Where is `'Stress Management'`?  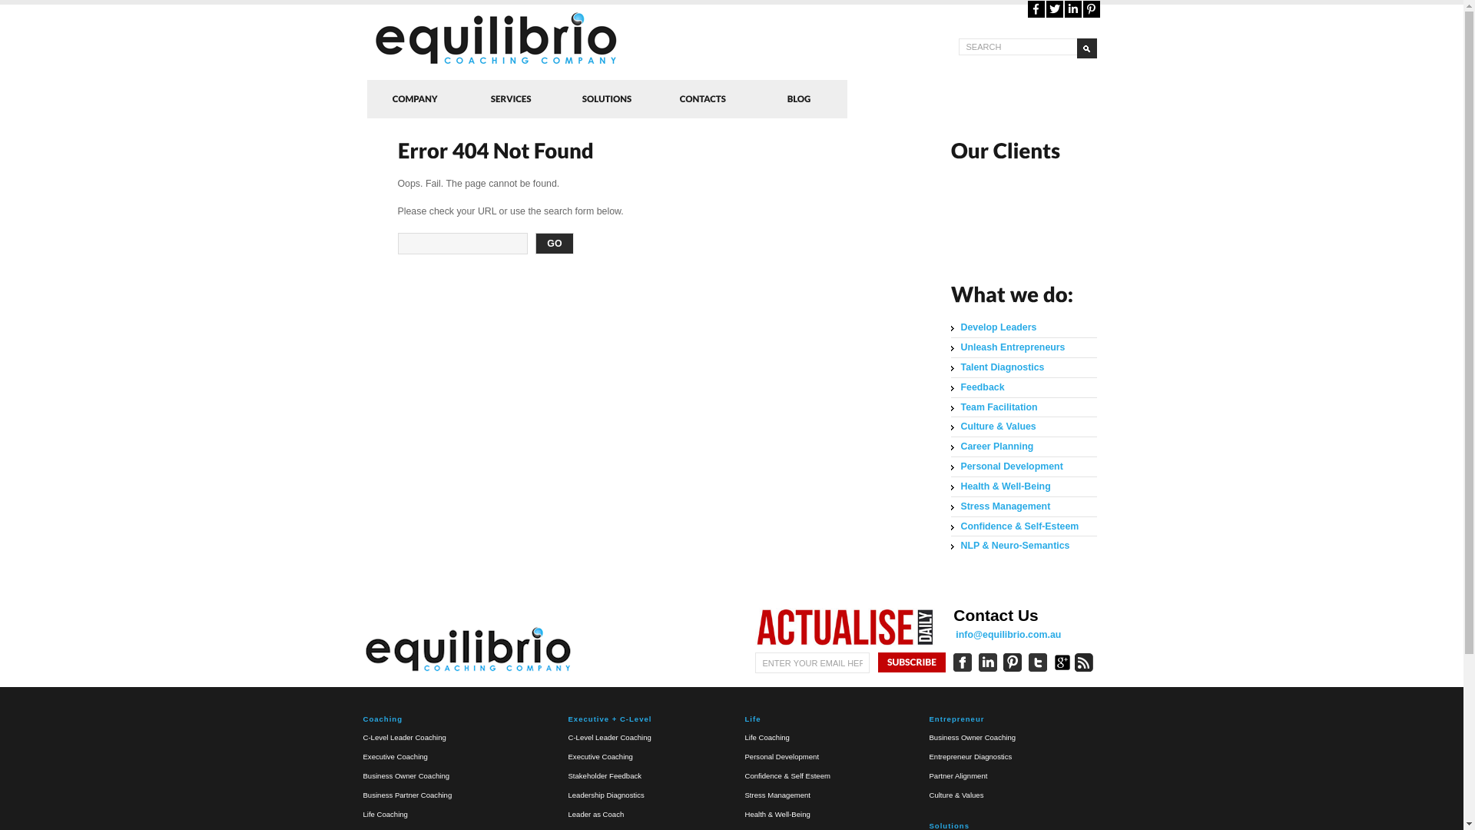 'Stress Management' is located at coordinates (950, 506).